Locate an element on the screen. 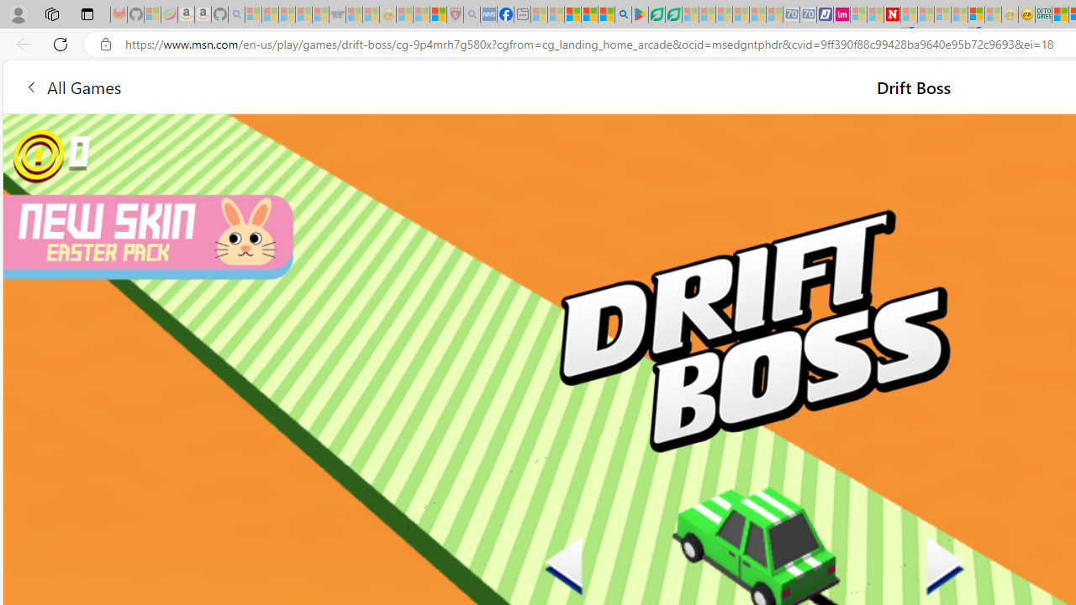  'The Weather Channel - MSN - Sleeping' is located at coordinates (287, 14).